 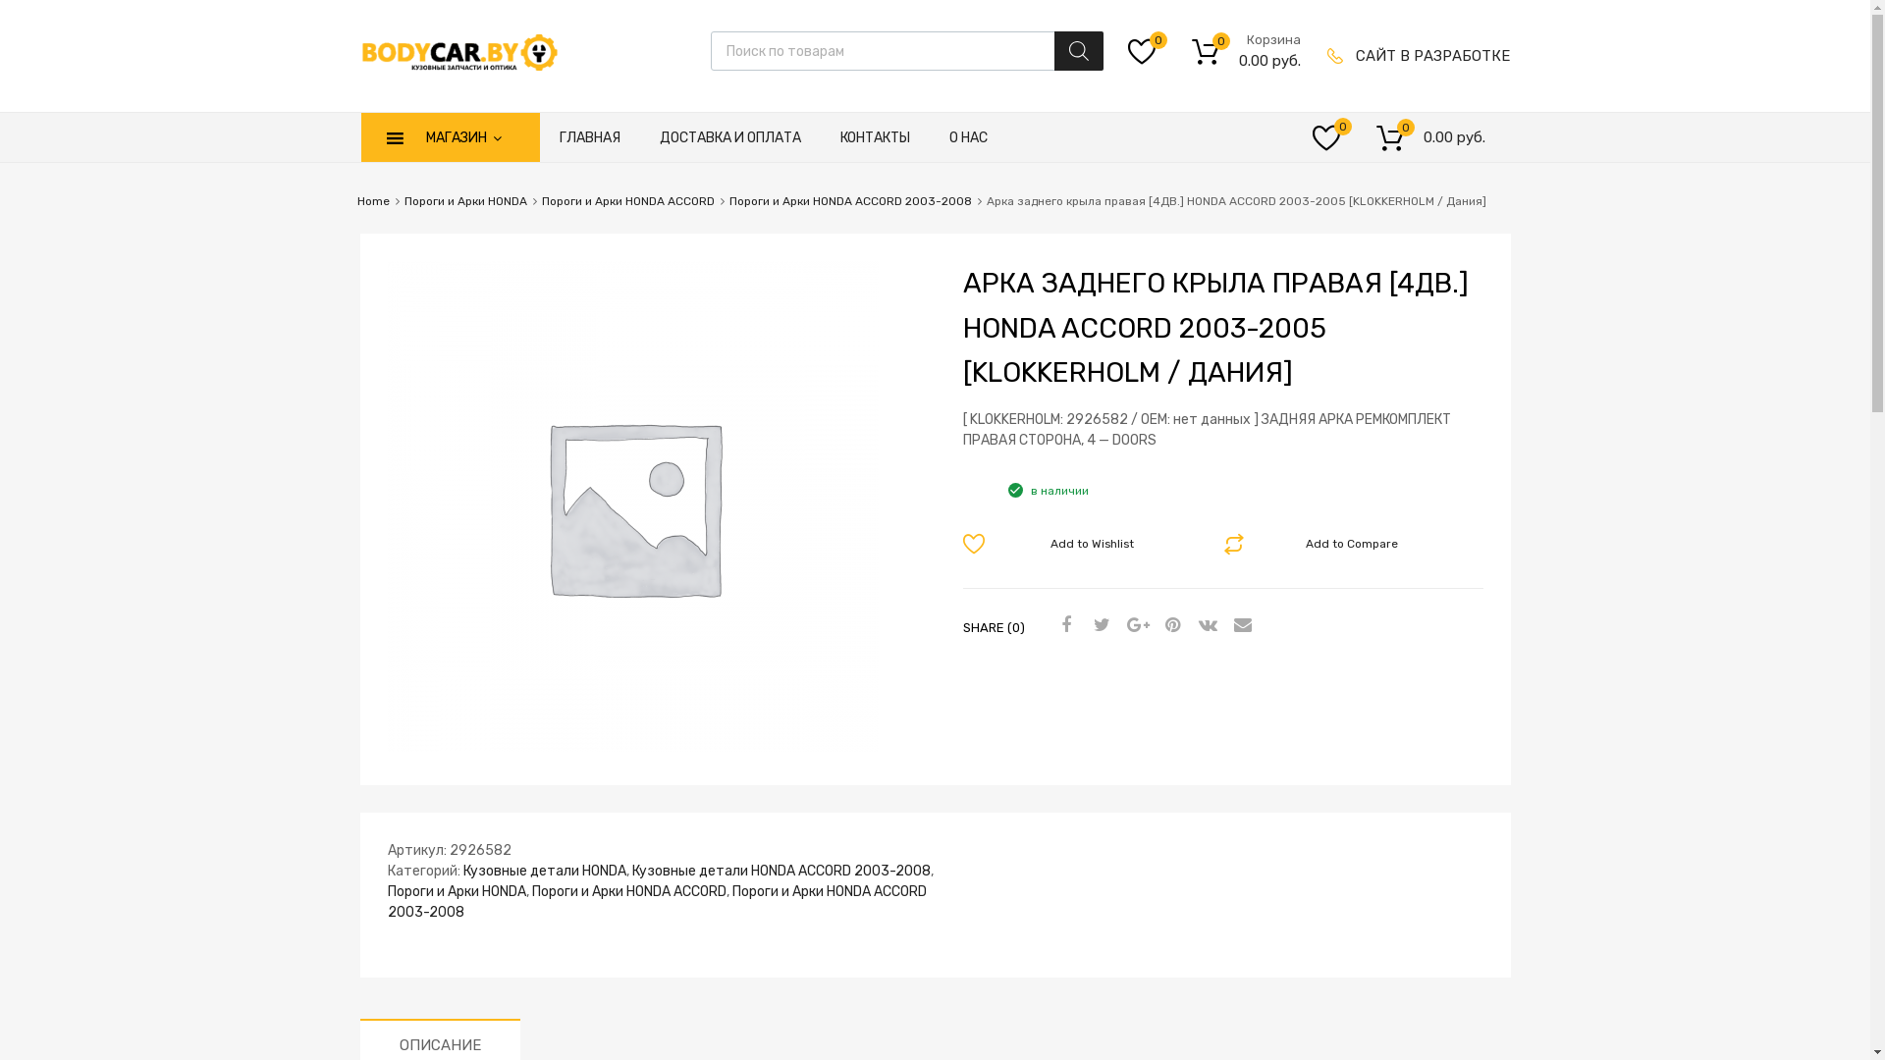 What do you see at coordinates (1078, 544) in the screenshot?
I see `'Add to Wishlist'` at bounding box center [1078, 544].